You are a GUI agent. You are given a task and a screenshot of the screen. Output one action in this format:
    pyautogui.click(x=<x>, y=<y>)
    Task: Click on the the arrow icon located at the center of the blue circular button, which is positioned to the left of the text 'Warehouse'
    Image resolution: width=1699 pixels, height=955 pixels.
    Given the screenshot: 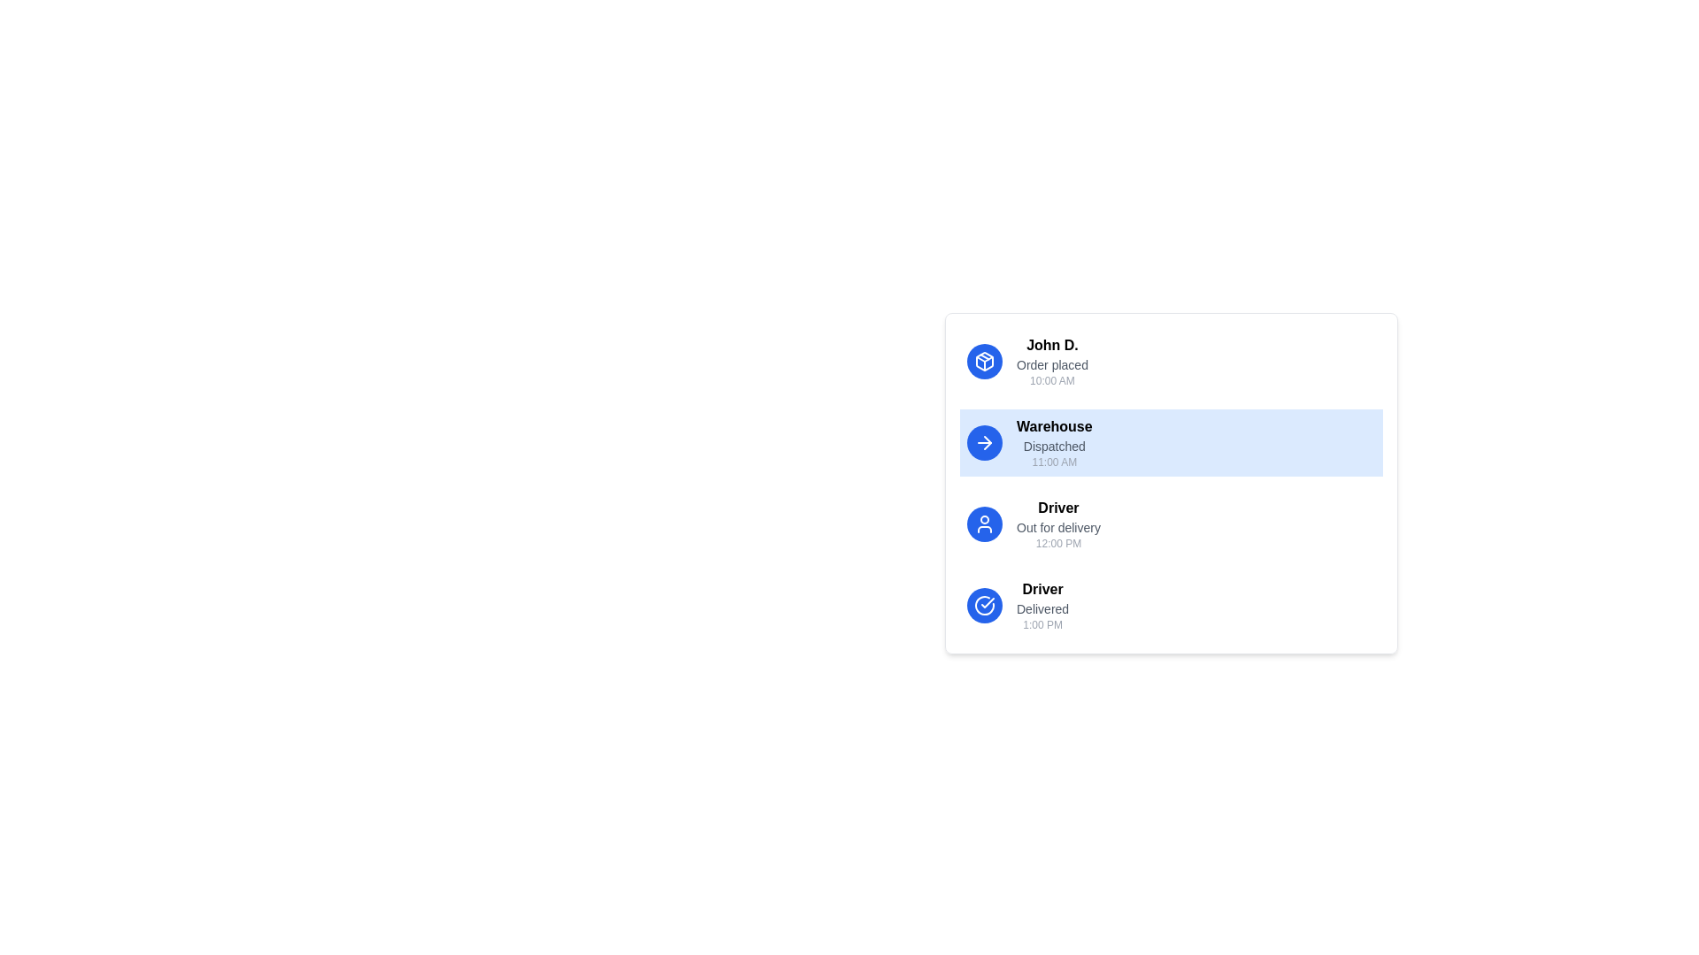 What is the action you would take?
    pyautogui.click(x=984, y=442)
    